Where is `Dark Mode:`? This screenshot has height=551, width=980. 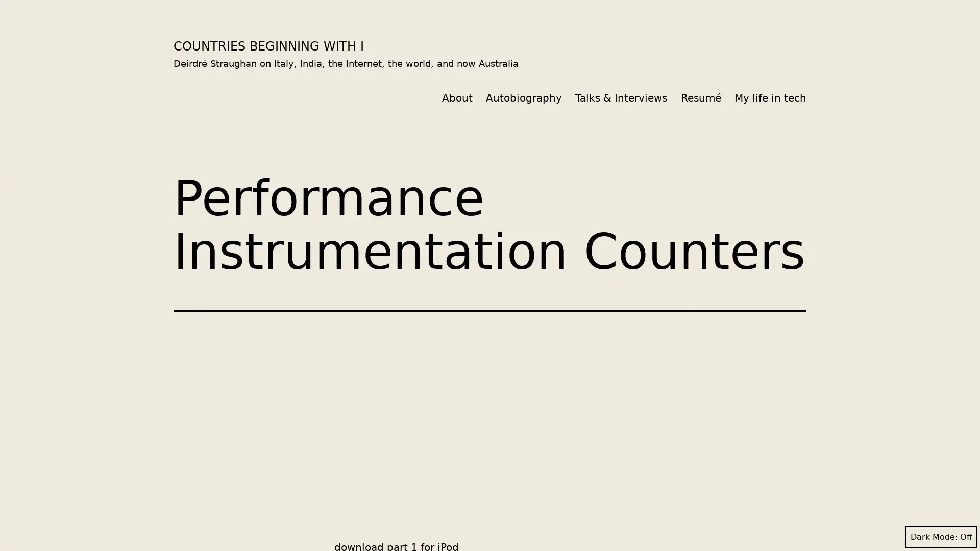
Dark Mode: is located at coordinates (941, 537).